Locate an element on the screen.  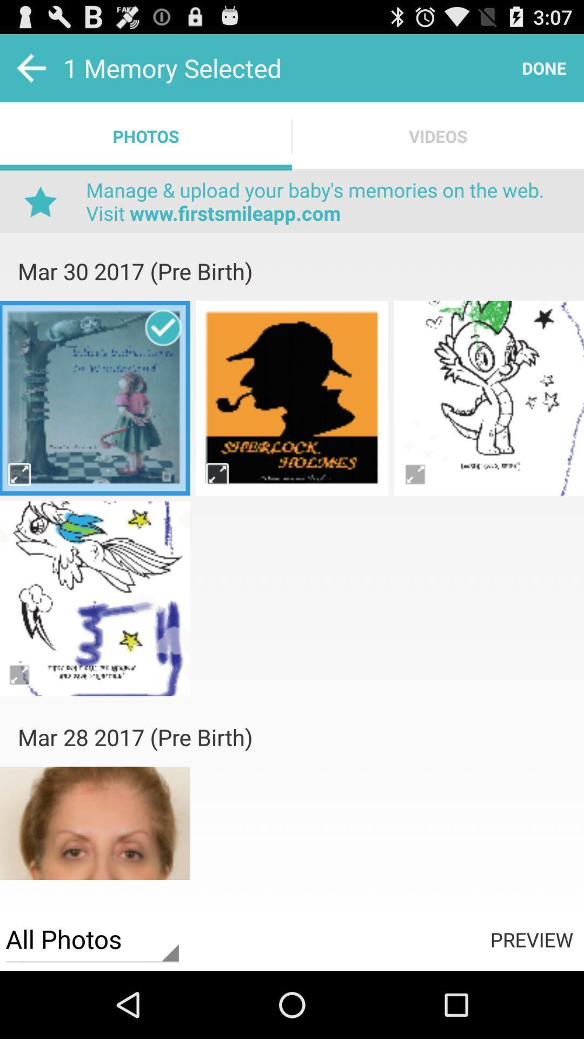
image option is located at coordinates (94, 598).